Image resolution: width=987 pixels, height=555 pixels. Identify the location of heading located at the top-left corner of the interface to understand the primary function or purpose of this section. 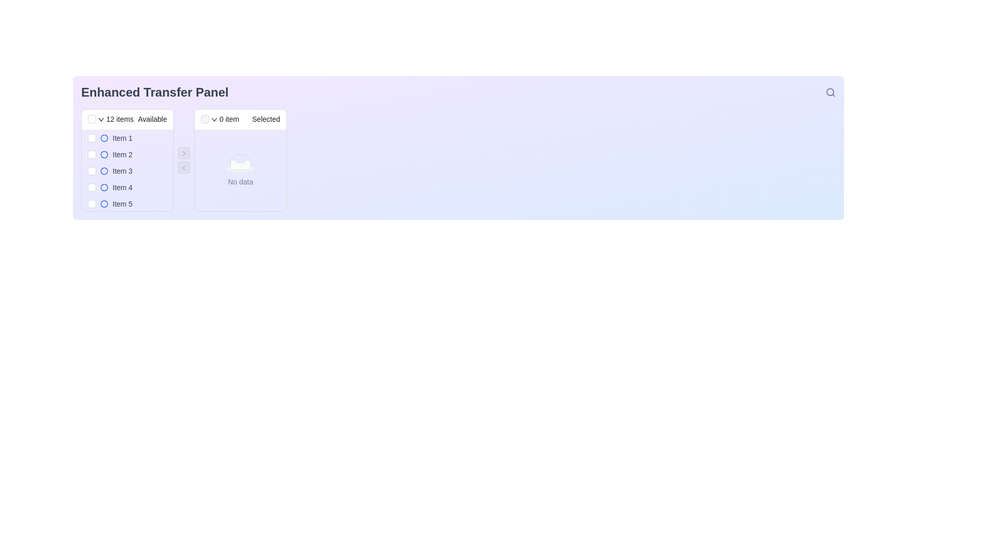
(154, 92).